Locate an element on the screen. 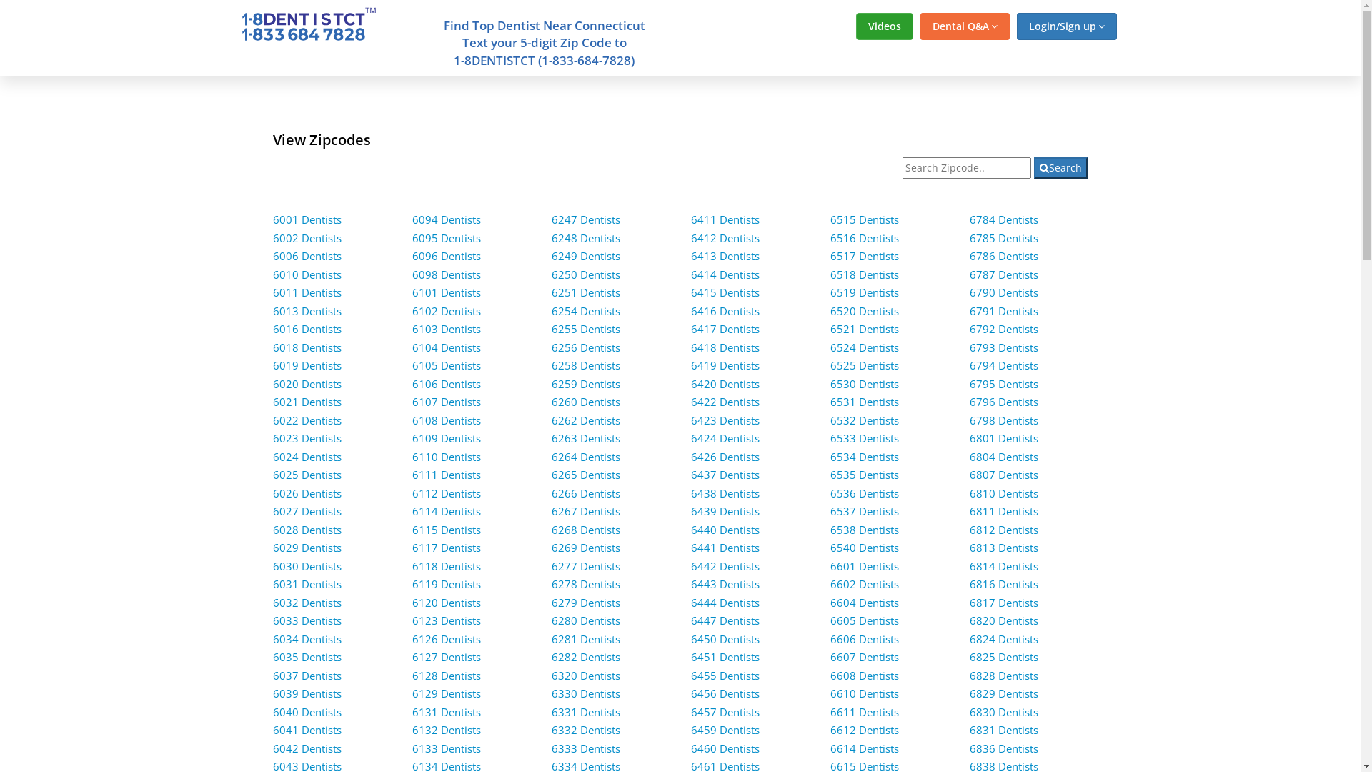 The image size is (1372, 772). '6820 Dentists' is located at coordinates (970, 619).